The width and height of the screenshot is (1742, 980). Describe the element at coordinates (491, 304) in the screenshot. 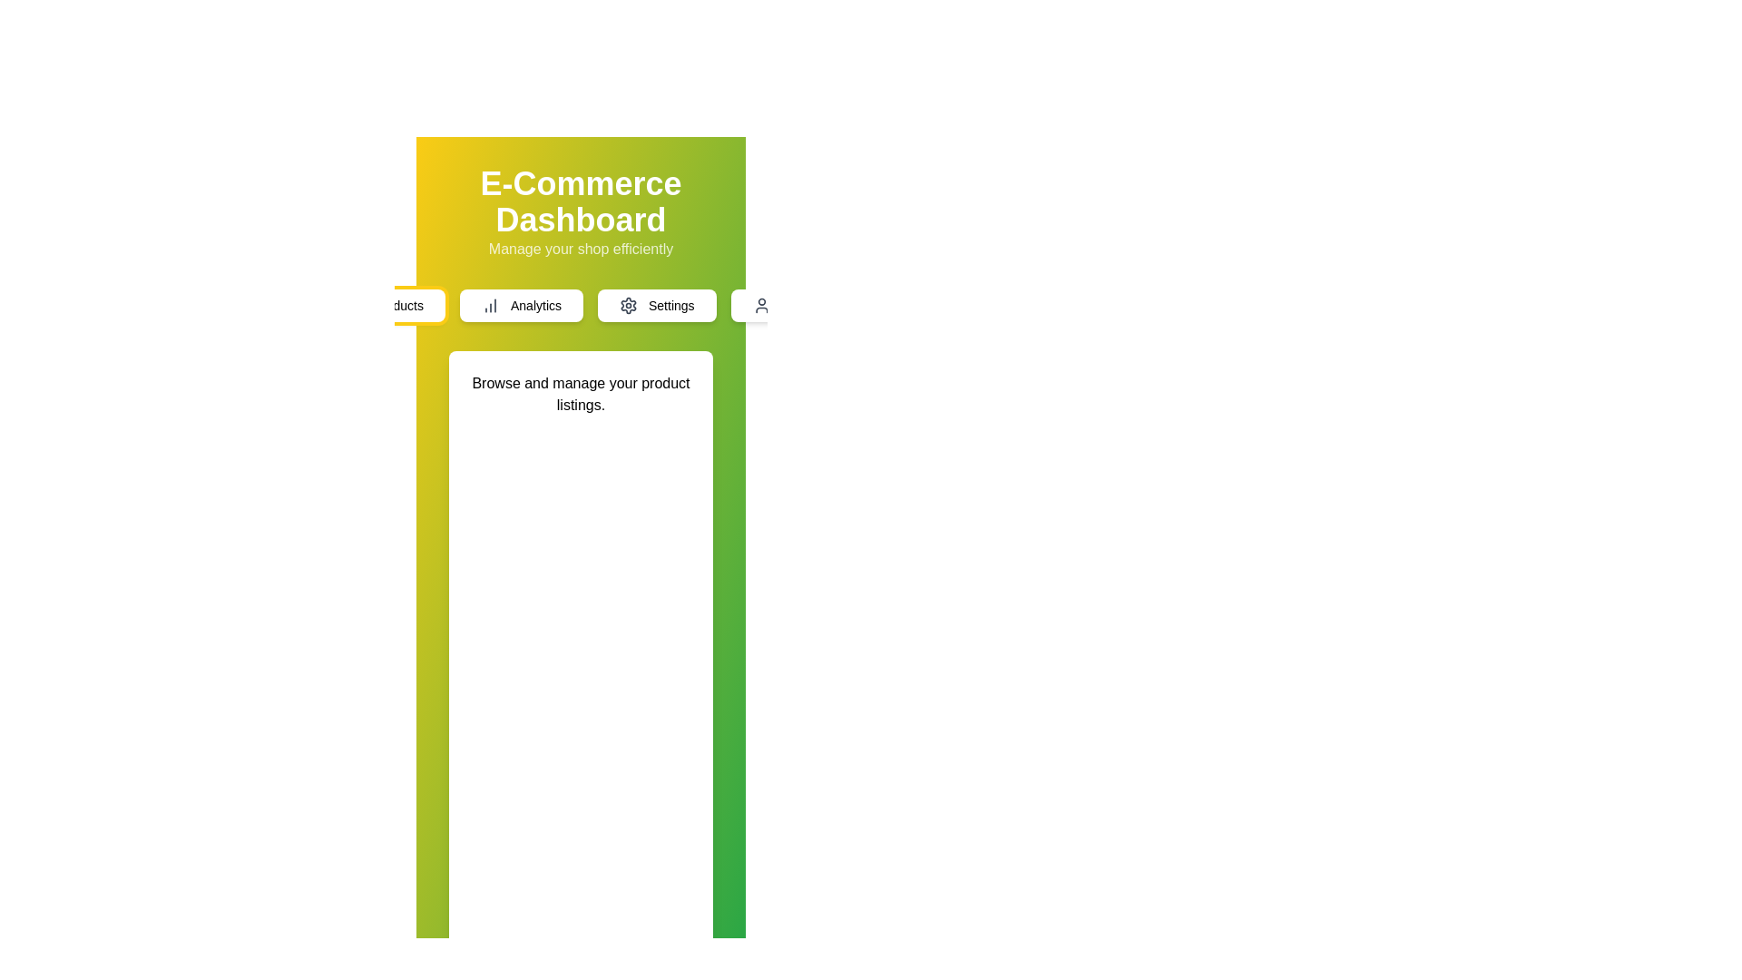

I see `the small icon resembling a column chart within the 'Analytics' button in the top navigation bar of the 'E-Commerce Dashboard'` at that location.